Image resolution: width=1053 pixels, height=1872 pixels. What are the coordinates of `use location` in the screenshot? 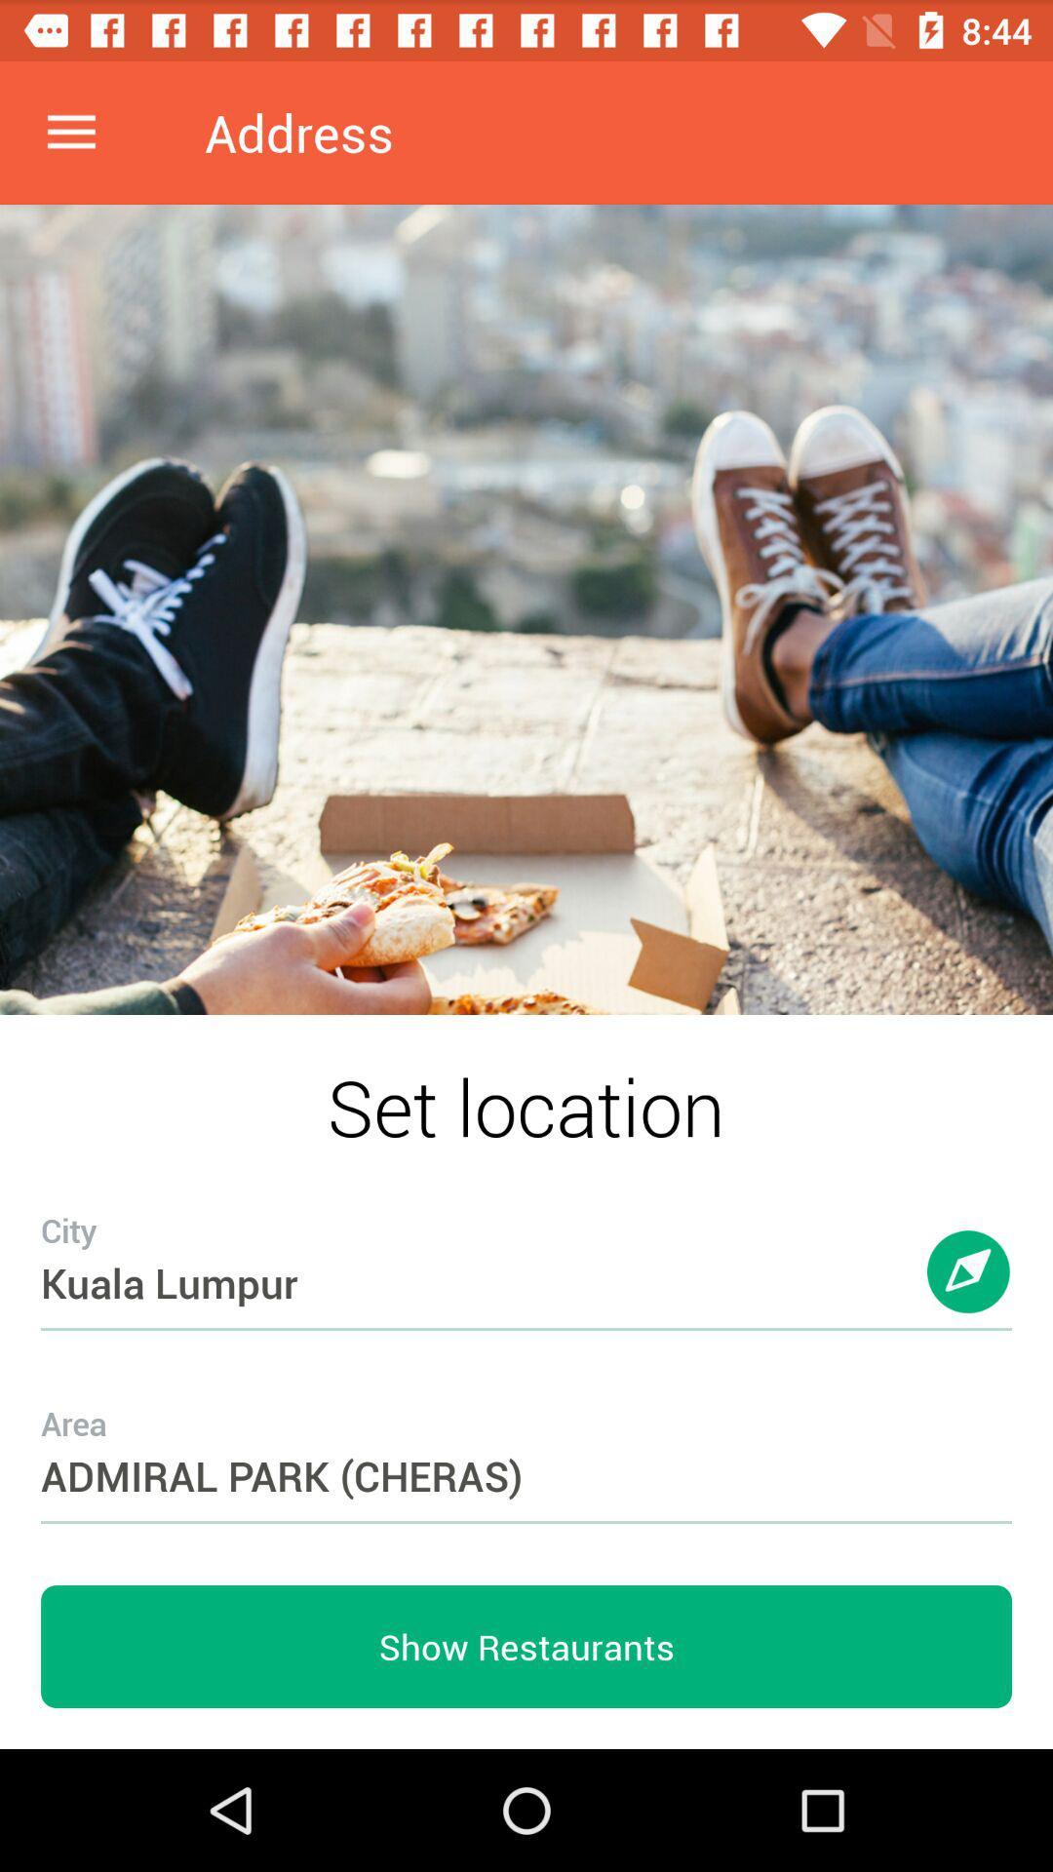 It's located at (969, 1291).